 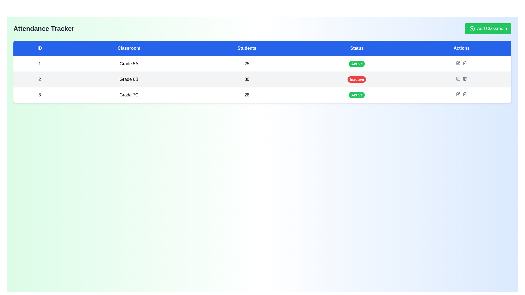 What do you see at coordinates (262, 95) in the screenshot?
I see `the table row displaying data for classroom ID '3', named 'Grade 7C', with status 'Active'` at bounding box center [262, 95].